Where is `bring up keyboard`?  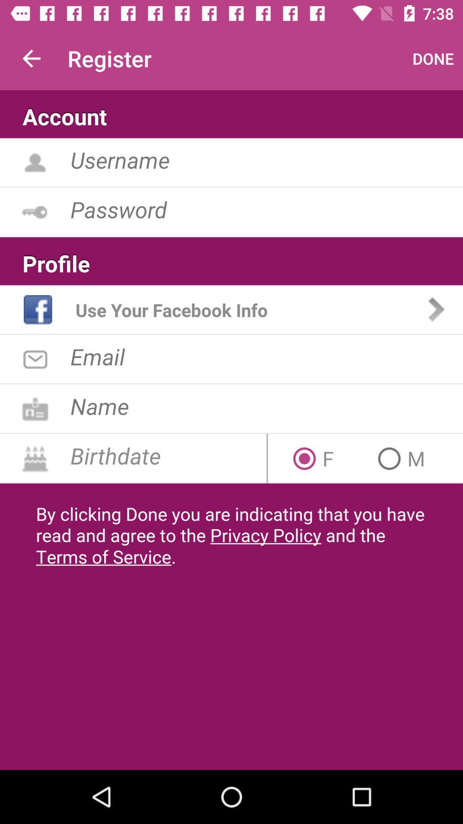 bring up keyboard is located at coordinates (266, 209).